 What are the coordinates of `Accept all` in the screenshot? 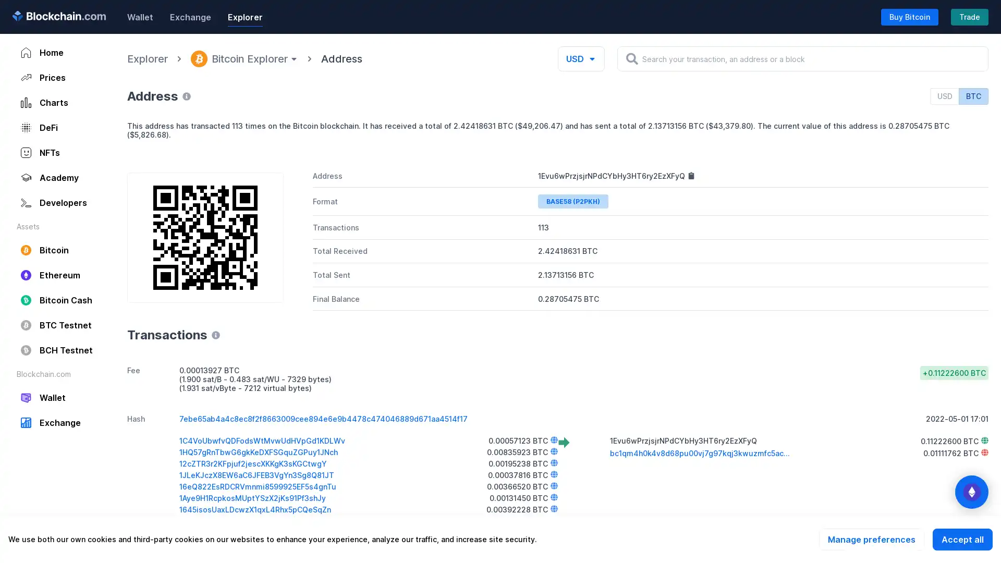 It's located at (962, 539).